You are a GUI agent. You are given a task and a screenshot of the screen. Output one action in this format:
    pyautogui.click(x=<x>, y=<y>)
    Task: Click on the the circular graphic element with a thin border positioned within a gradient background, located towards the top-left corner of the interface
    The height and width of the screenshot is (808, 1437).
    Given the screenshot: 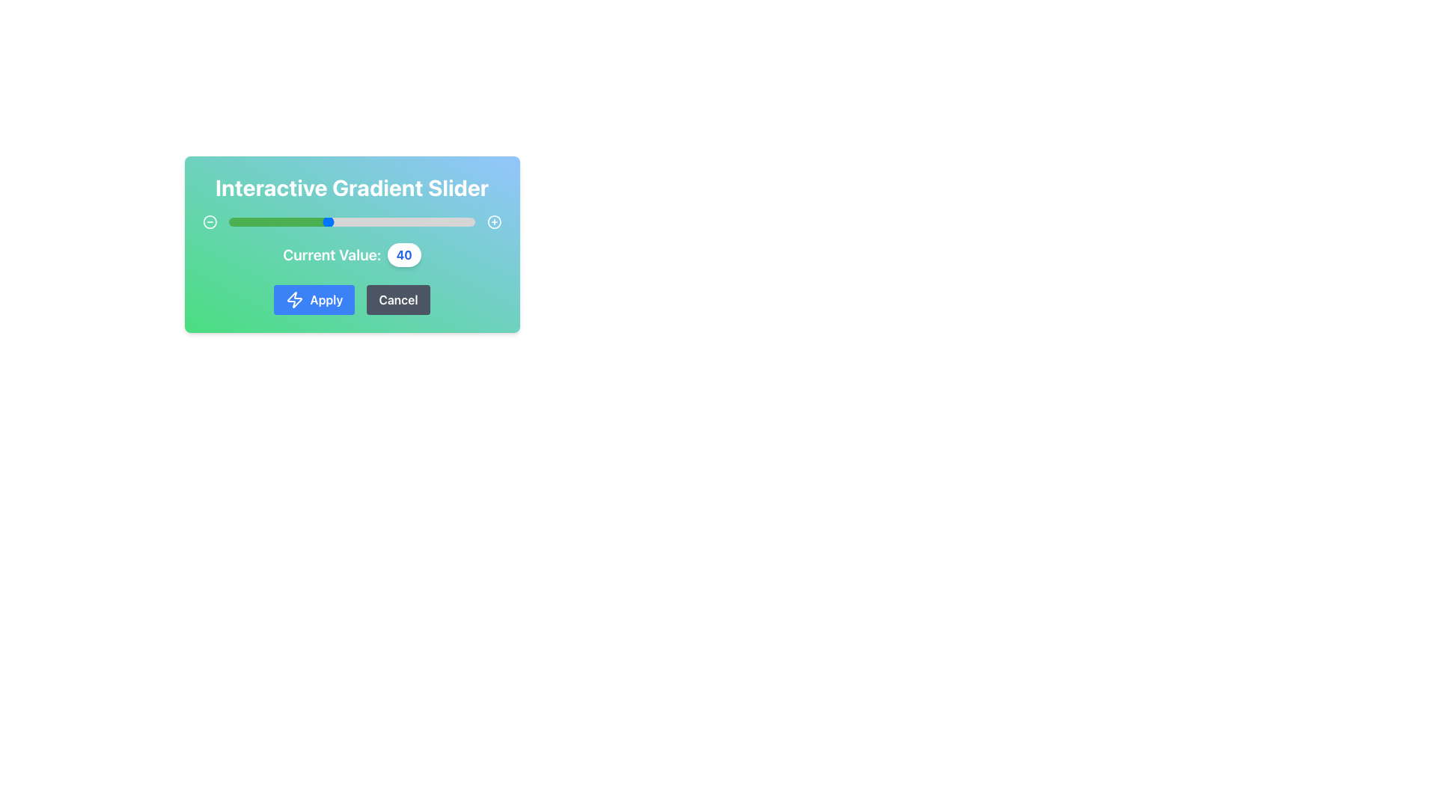 What is the action you would take?
    pyautogui.click(x=209, y=222)
    